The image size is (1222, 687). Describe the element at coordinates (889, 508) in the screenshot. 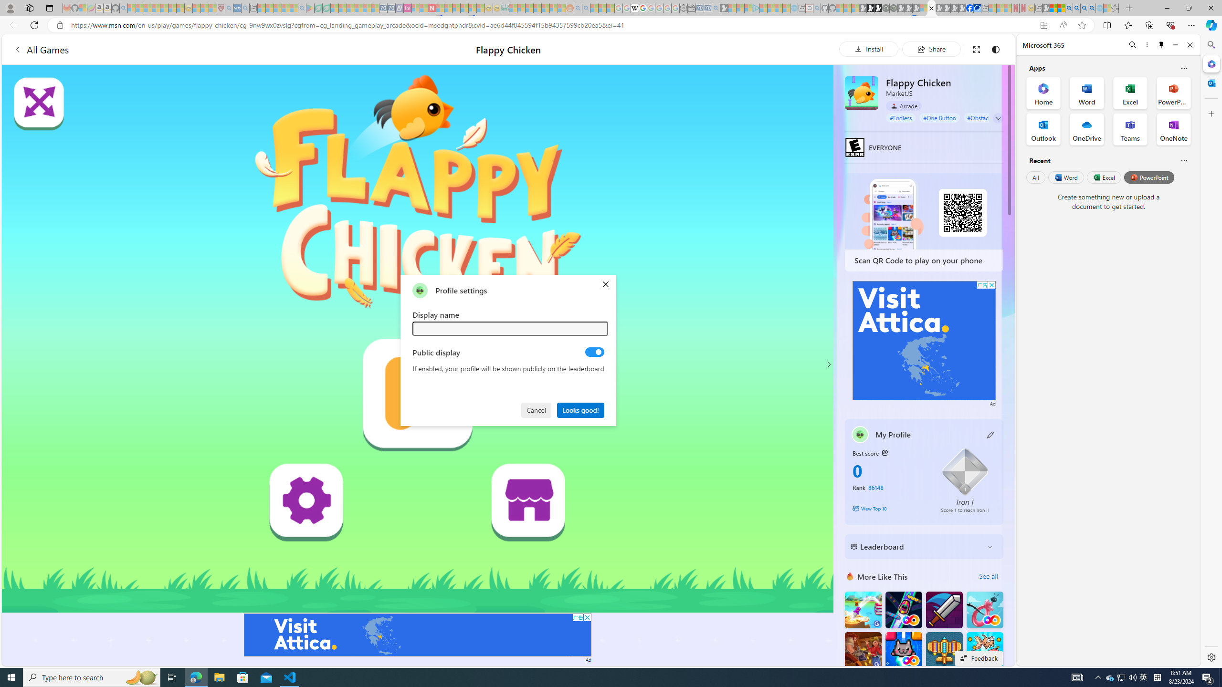

I see `'View Top 10'` at that location.